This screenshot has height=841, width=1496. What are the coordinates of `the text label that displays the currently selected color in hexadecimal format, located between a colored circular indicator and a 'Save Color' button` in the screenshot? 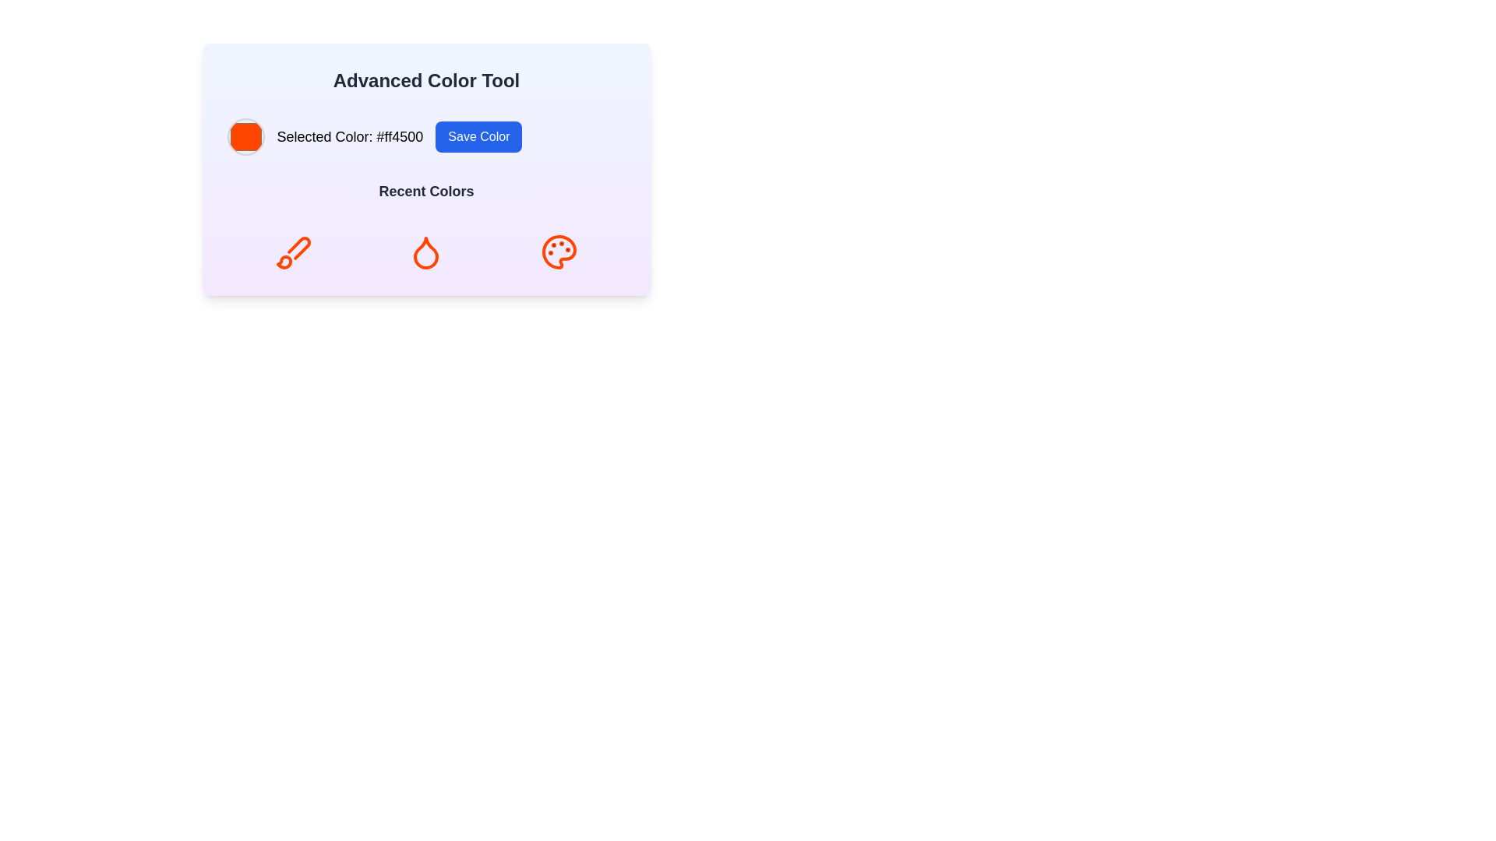 It's located at (349, 136).